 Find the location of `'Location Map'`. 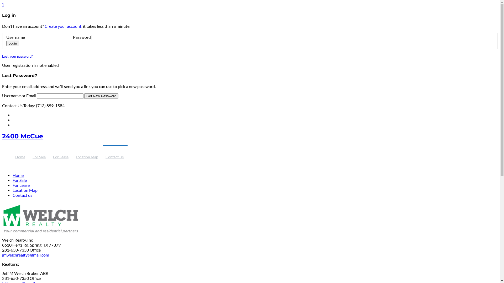

'Location Map' is located at coordinates (13, 190).